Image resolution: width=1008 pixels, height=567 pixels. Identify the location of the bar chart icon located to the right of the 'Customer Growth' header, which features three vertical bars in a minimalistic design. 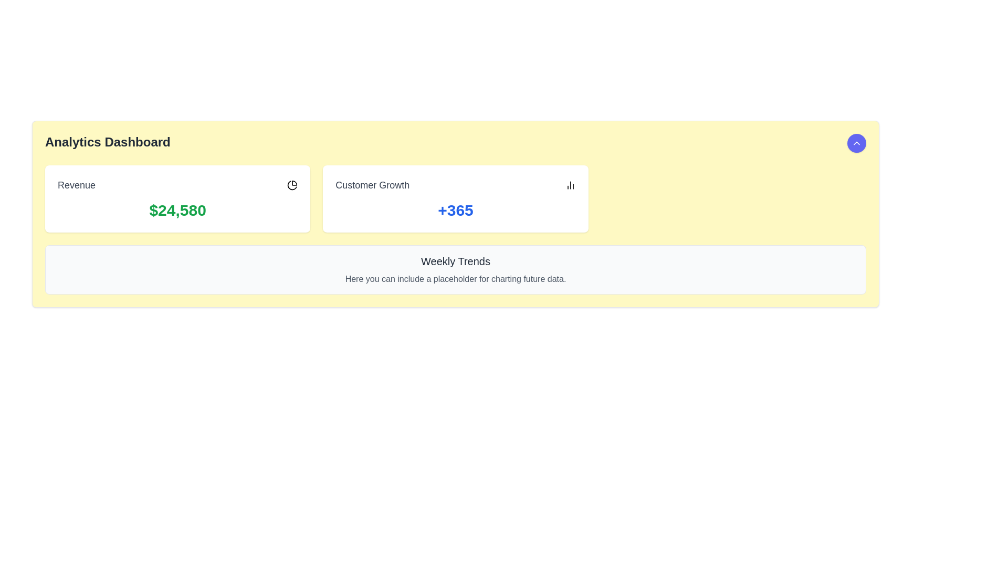
(570, 185).